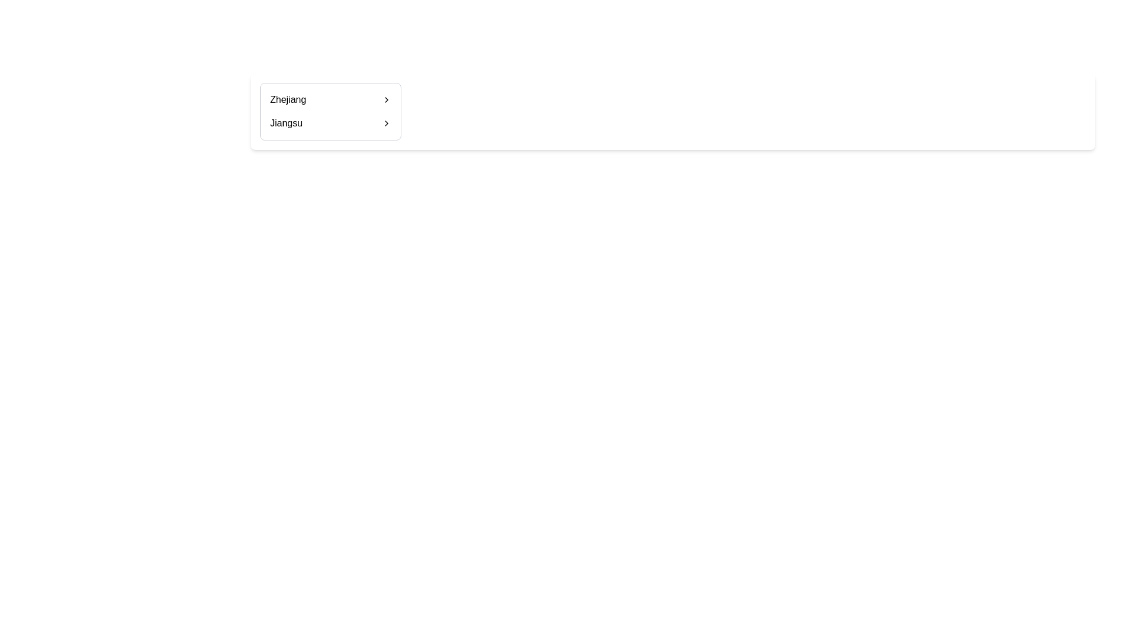 The width and height of the screenshot is (1130, 635). I want to click on the right-facing chevron icon at the end of the 'Zhejiang' text, so click(387, 99).